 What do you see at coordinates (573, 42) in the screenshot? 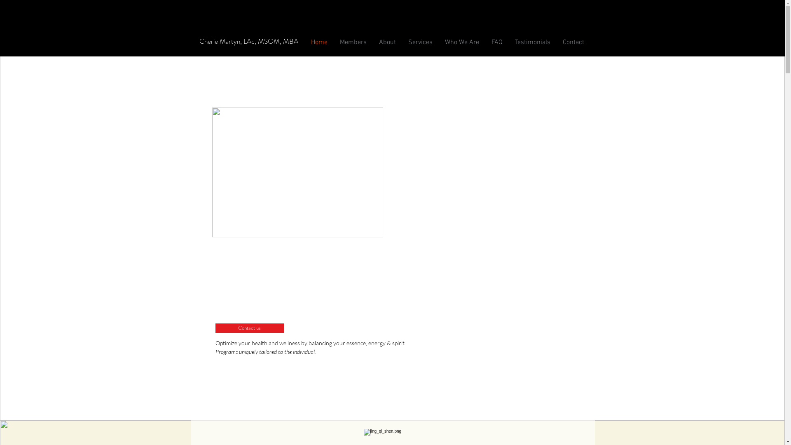
I see `'Contact'` at bounding box center [573, 42].